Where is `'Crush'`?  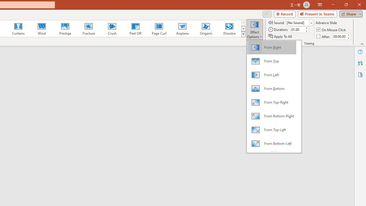 'Crush' is located at coordinates (112, 29).